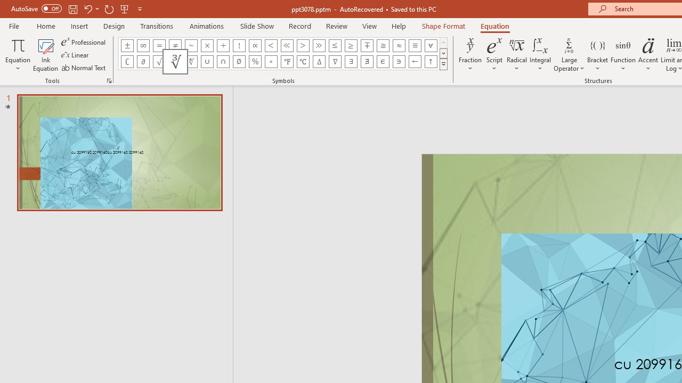  Describe the element at coordinates (398, 45) in the screenshot. I see `'Equation Symbol Almost Equal To (Asymptotic To)'` at that location.